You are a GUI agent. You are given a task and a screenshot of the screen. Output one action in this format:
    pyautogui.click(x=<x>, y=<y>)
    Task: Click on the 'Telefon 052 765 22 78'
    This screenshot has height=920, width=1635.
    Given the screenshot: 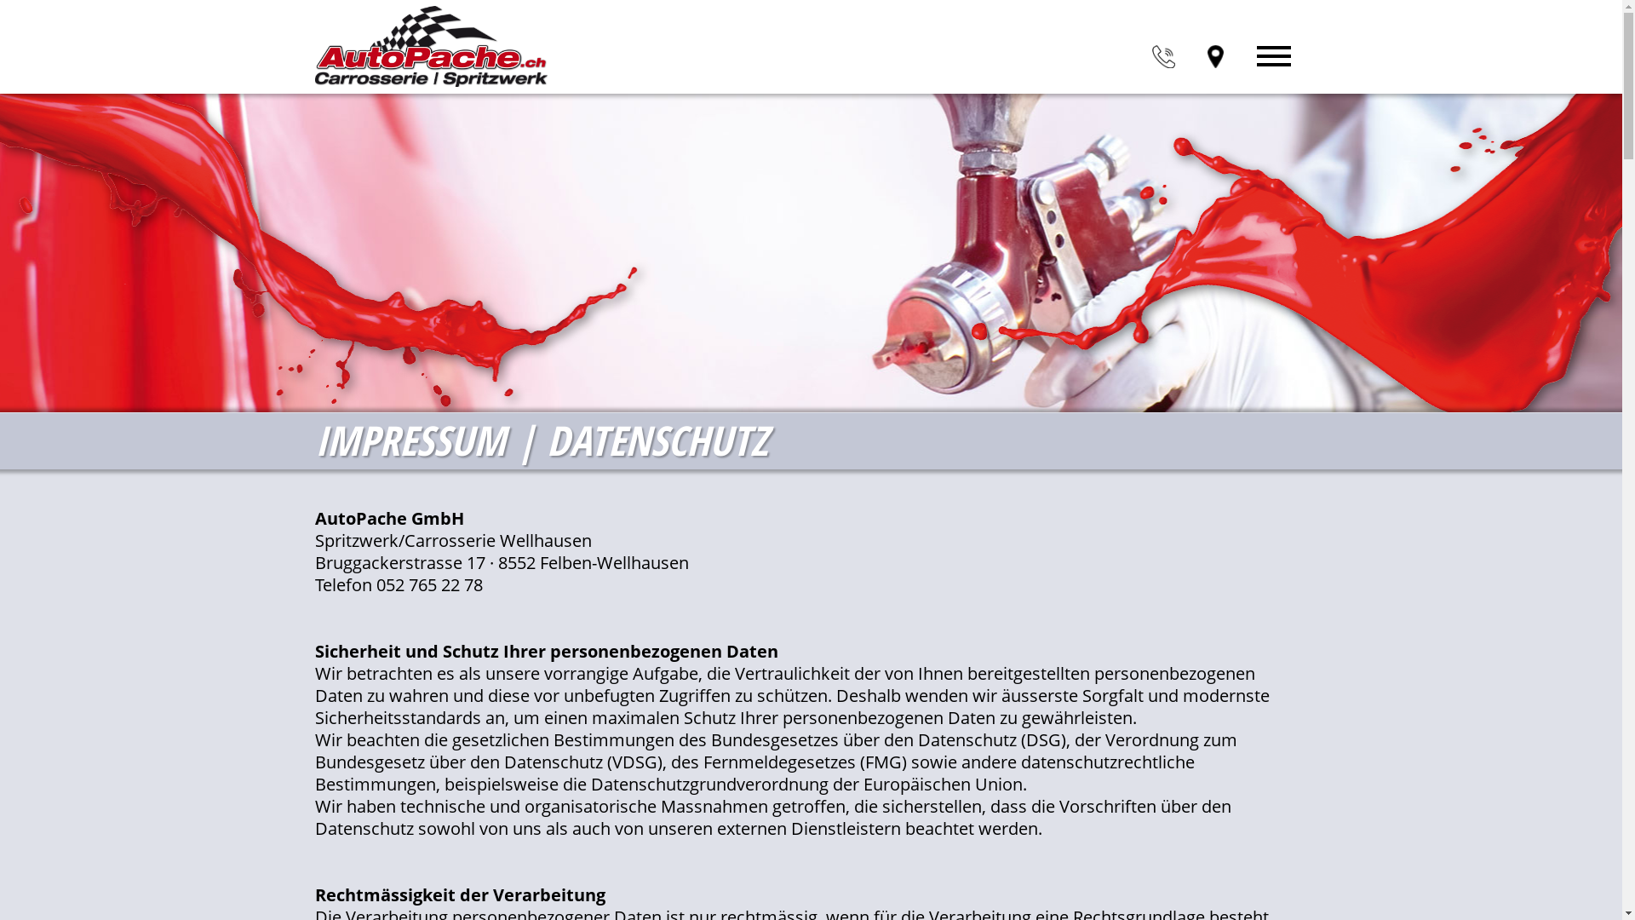 What is the action you would take?
    pyautogui.click(x=398, y=584)
    